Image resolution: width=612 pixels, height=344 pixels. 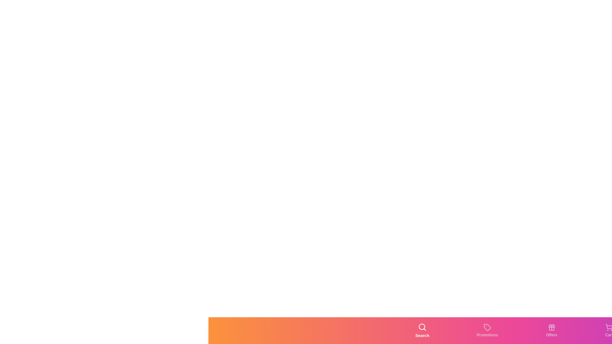 I want to click on the tab labeled Promotions to observe the hover effect, so click(x=487, y=330).